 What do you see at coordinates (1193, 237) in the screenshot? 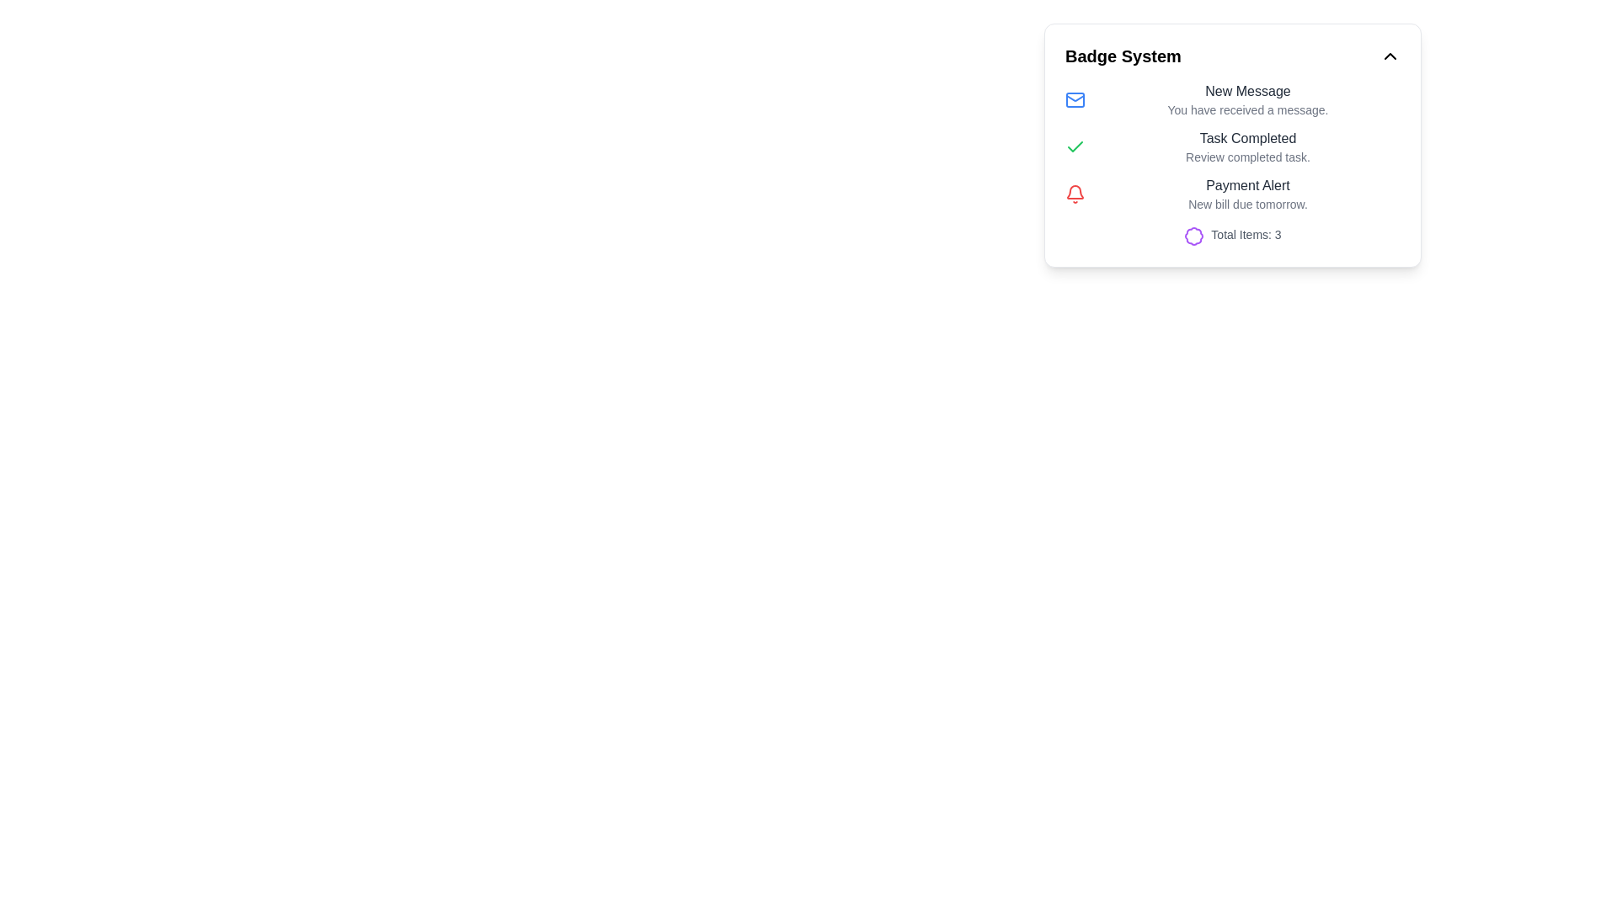
I see `the purple badge icon located at the bottom of the 'Badge System' widget, aligned with the text 'Total Items: 3'` at bounding box center [1193, 237].